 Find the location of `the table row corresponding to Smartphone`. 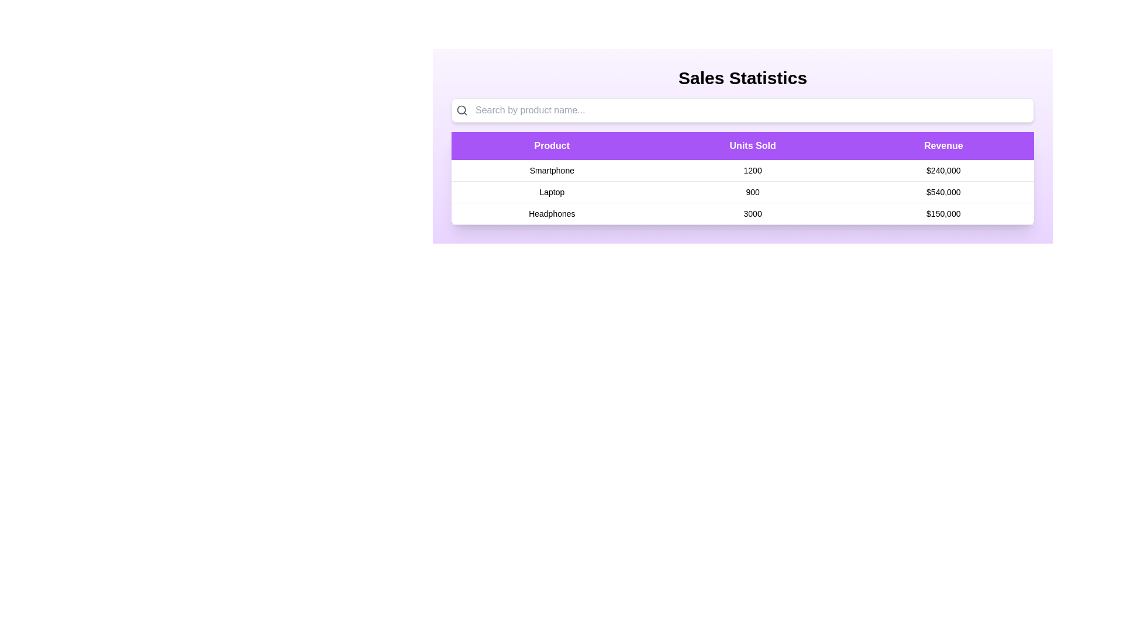

the table row corresponding to Smartphone is located at coordinates (551, 171).